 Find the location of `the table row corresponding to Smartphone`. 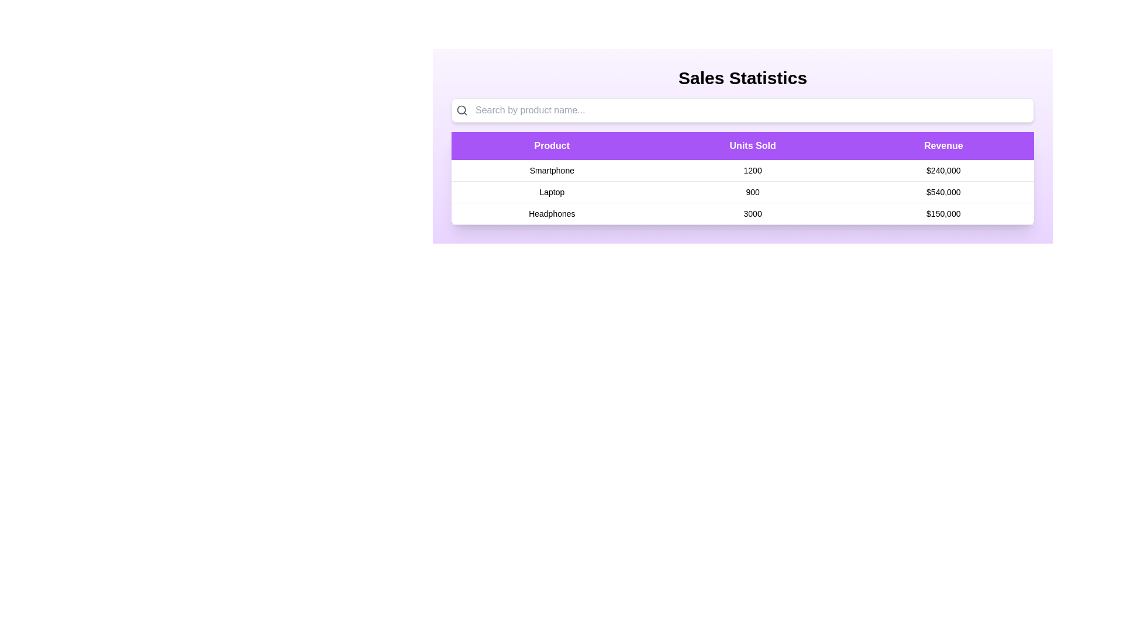

the table row corresponding to Smartphone is located at coordinates (551, 171).